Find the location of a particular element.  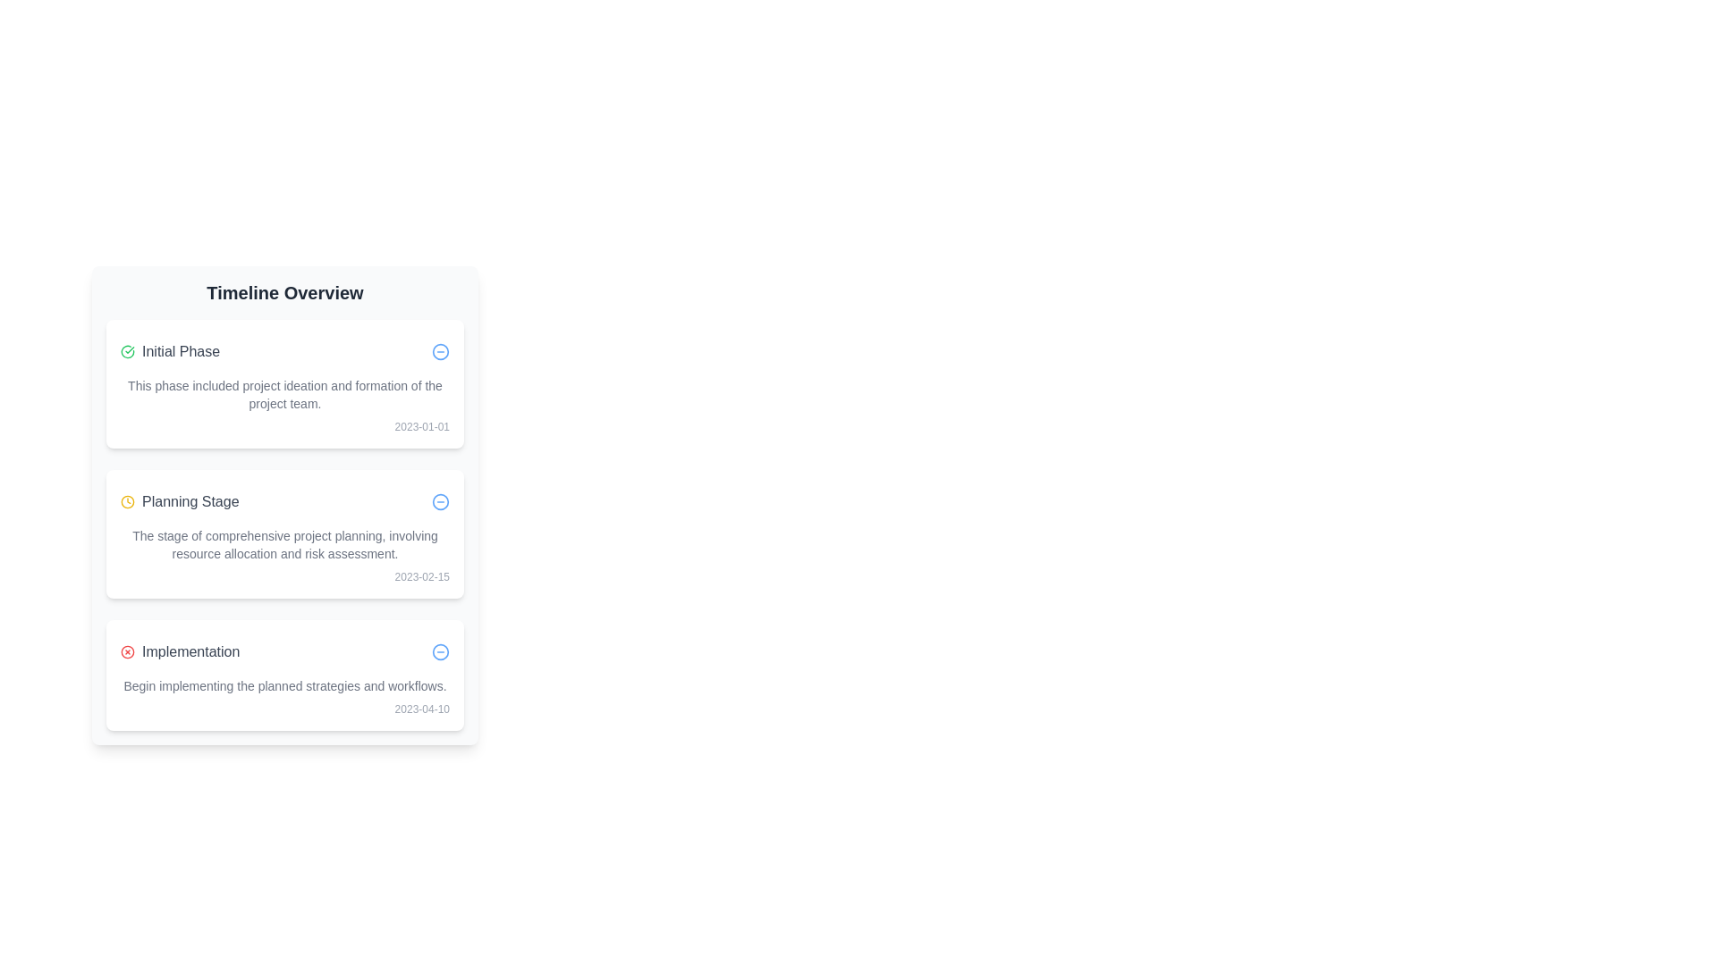

the small circular interactive icon with a blue outline is located at coordinates (441, 651).